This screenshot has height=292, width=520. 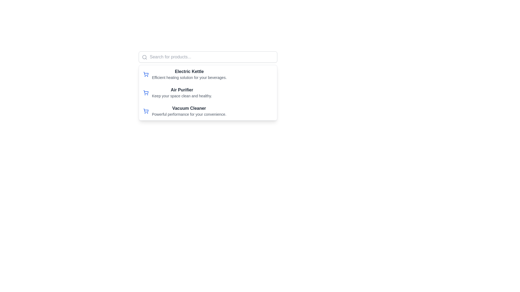 I want to click on the blue shopping cart icon located at the top-left of the 'Electric Kettle' product entry, so click(x=146, y=74).